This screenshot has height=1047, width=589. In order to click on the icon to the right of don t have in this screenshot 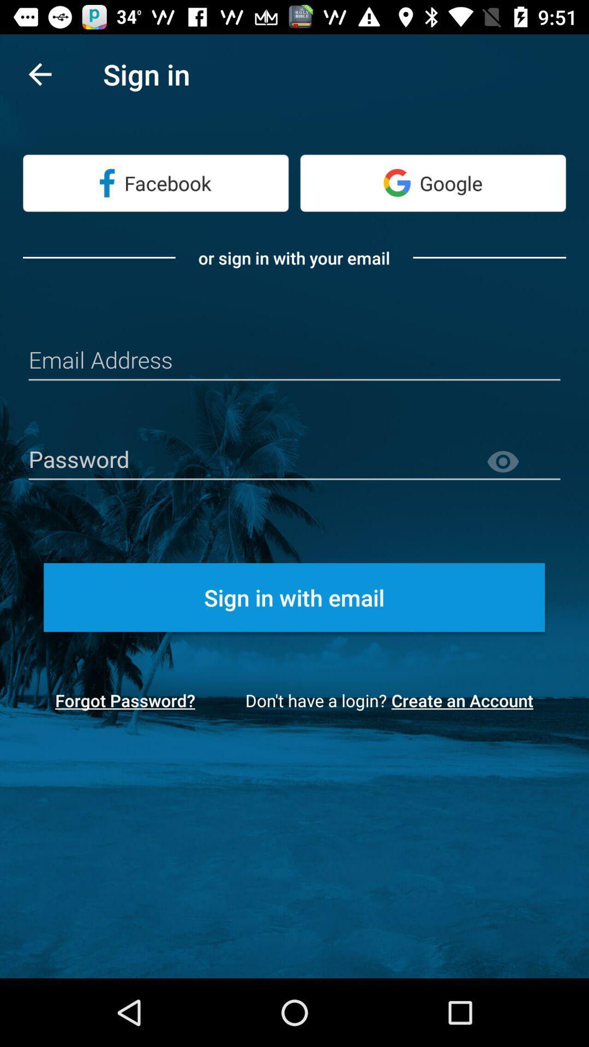, I will do `click(466, 700)`.